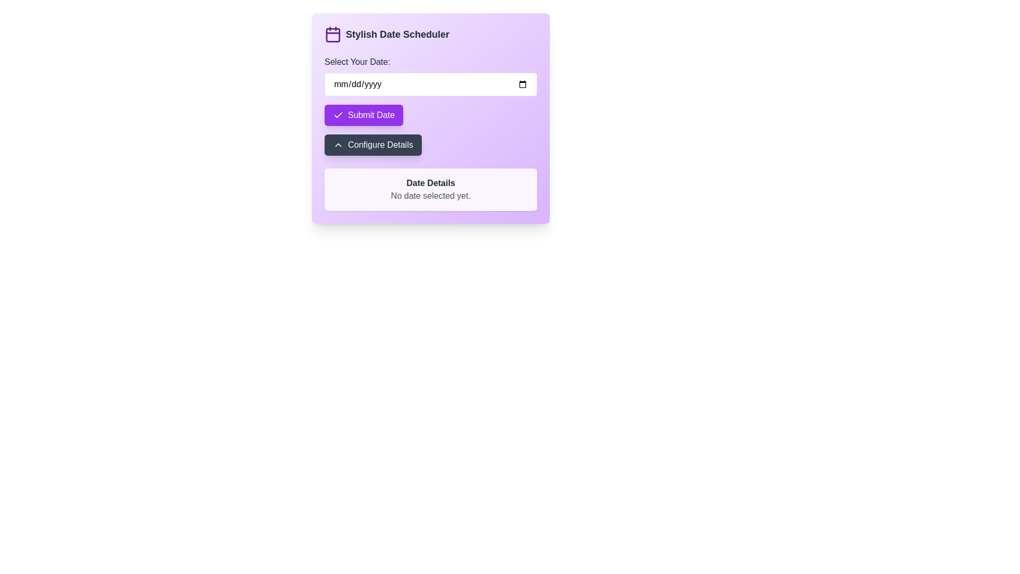 This screenshot has height=574, width=1020. Describe the element at coordinates (364, 115) in the screenshot. I see `the 'Submit Date' button with a vibrant purple background and white text to observe the hover effect` at that location.